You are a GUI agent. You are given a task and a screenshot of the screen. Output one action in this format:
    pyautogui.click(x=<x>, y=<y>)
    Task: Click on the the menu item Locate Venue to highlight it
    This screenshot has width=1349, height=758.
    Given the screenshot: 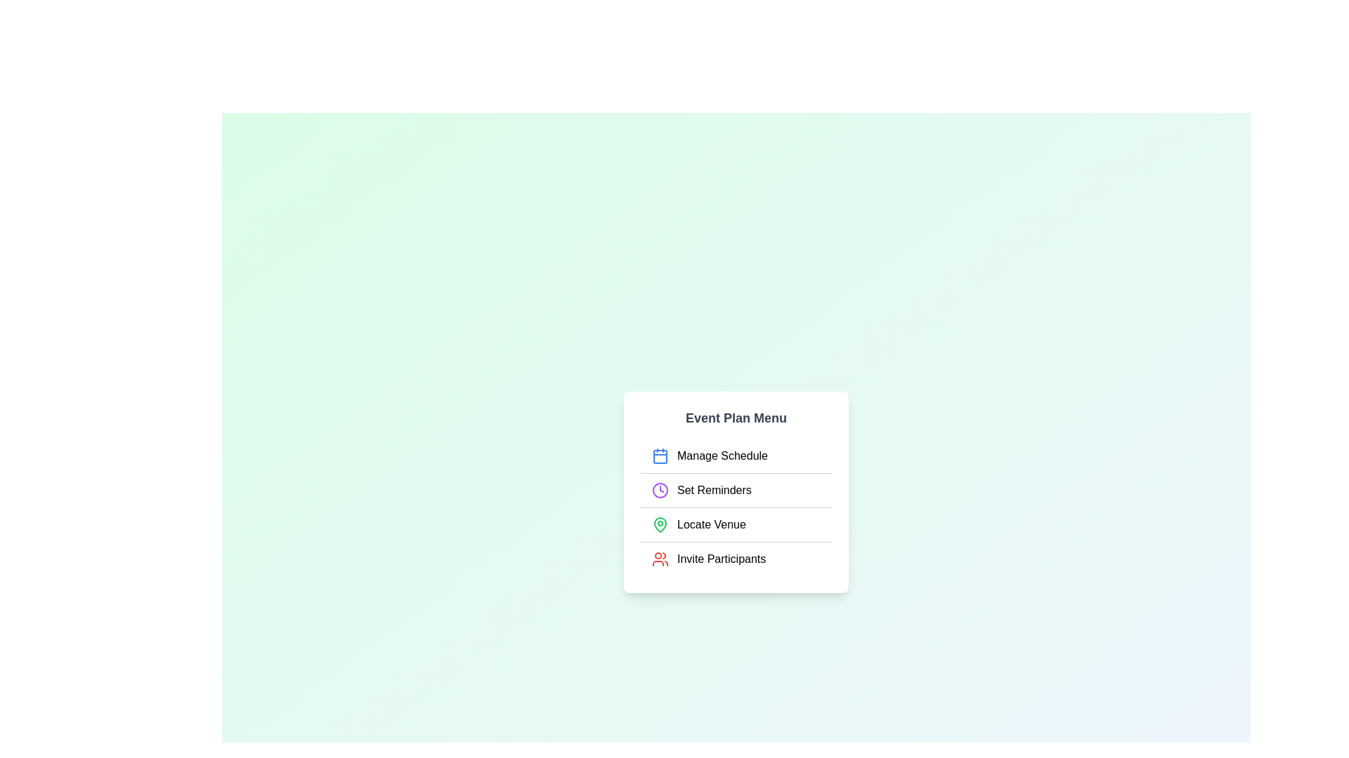 What is the action you would take?
    pyautogui.click(x=735, y=524)
    